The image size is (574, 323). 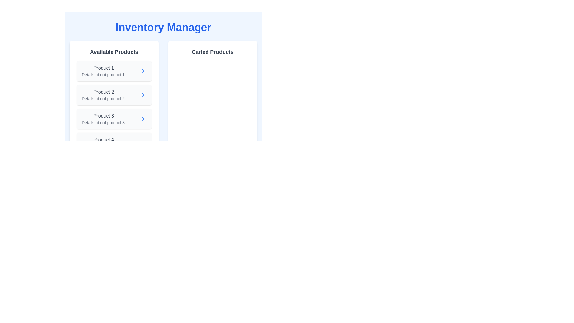 What do you see at coordinates (143, 95) in the screenshot?
I see `the interactive button for 'Product 2' located on the right side of the box containing 'Product 2' and its details` at bounding box center [143, 95].